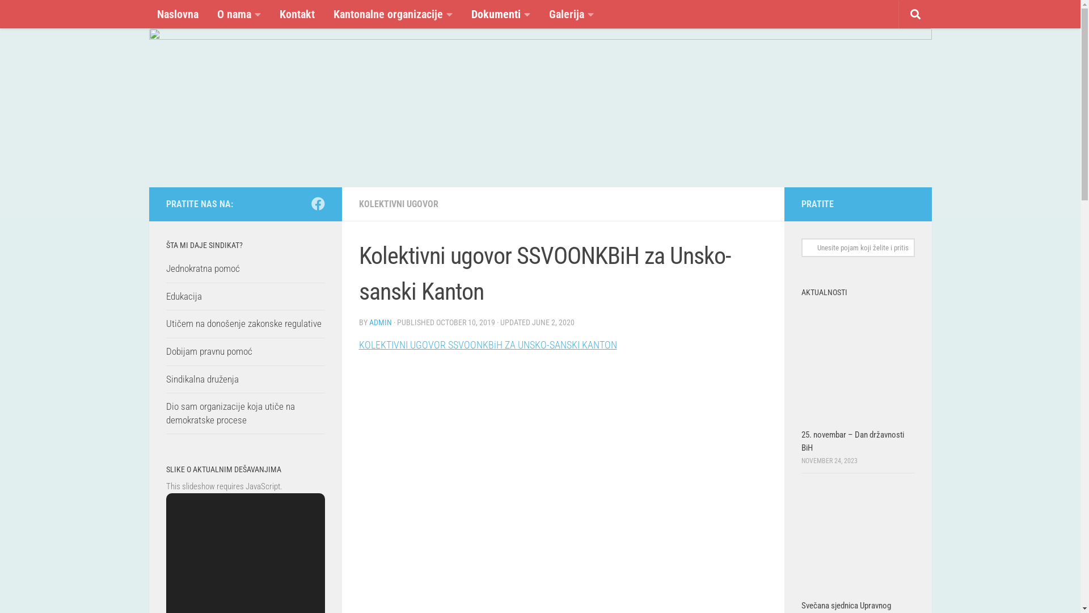 The image size is (1089, 613). What do you see at coordinates (165, 295) in the screenshot?
I see `'Edukacija'` at bounding box center [165, 295].